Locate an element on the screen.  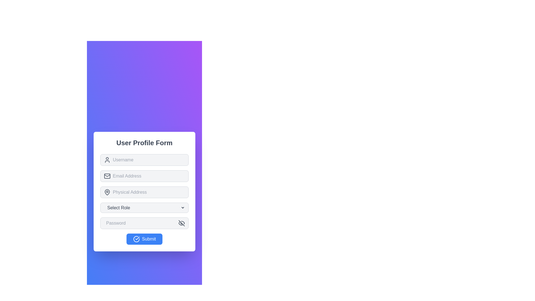
the 'Submit' button, which features a blue background, white text labeled 'Submit', and a white checkmark icon to the left of the text, located below the input fields and centered horizontally within the form is located at coordinates (144, 239).